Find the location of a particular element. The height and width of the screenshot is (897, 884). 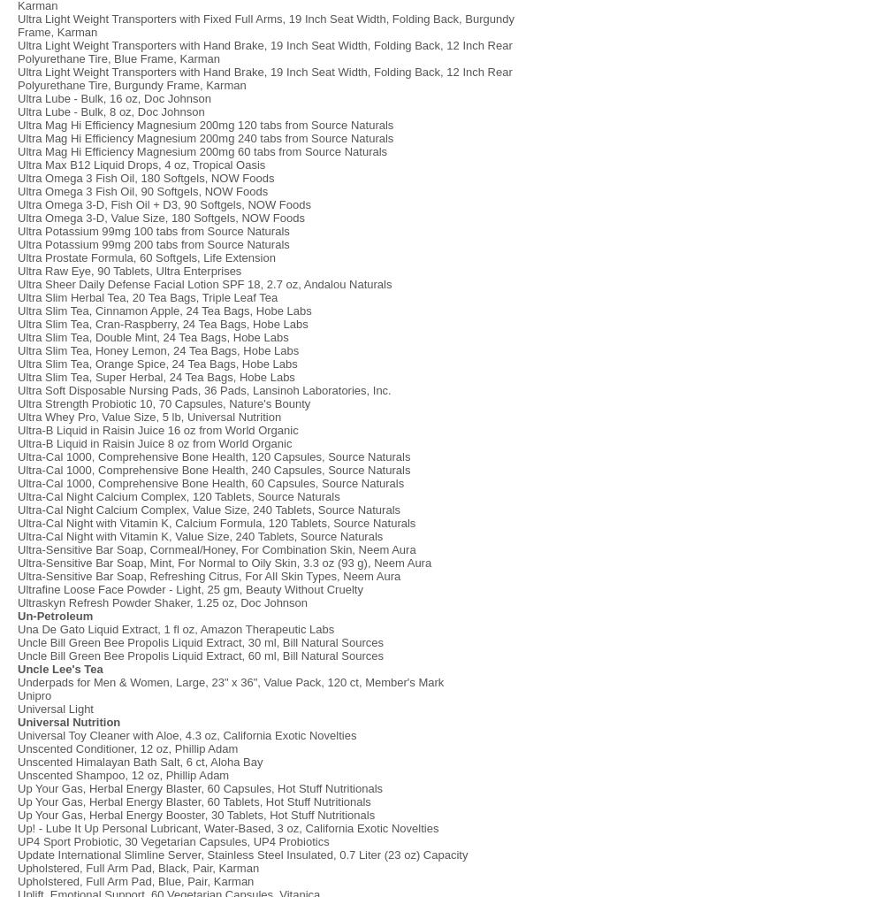

'Ultra Slim Tea, Orange Spice, 24 Tea Bags, Hobe Labs' is located at coordinates (157, 363).